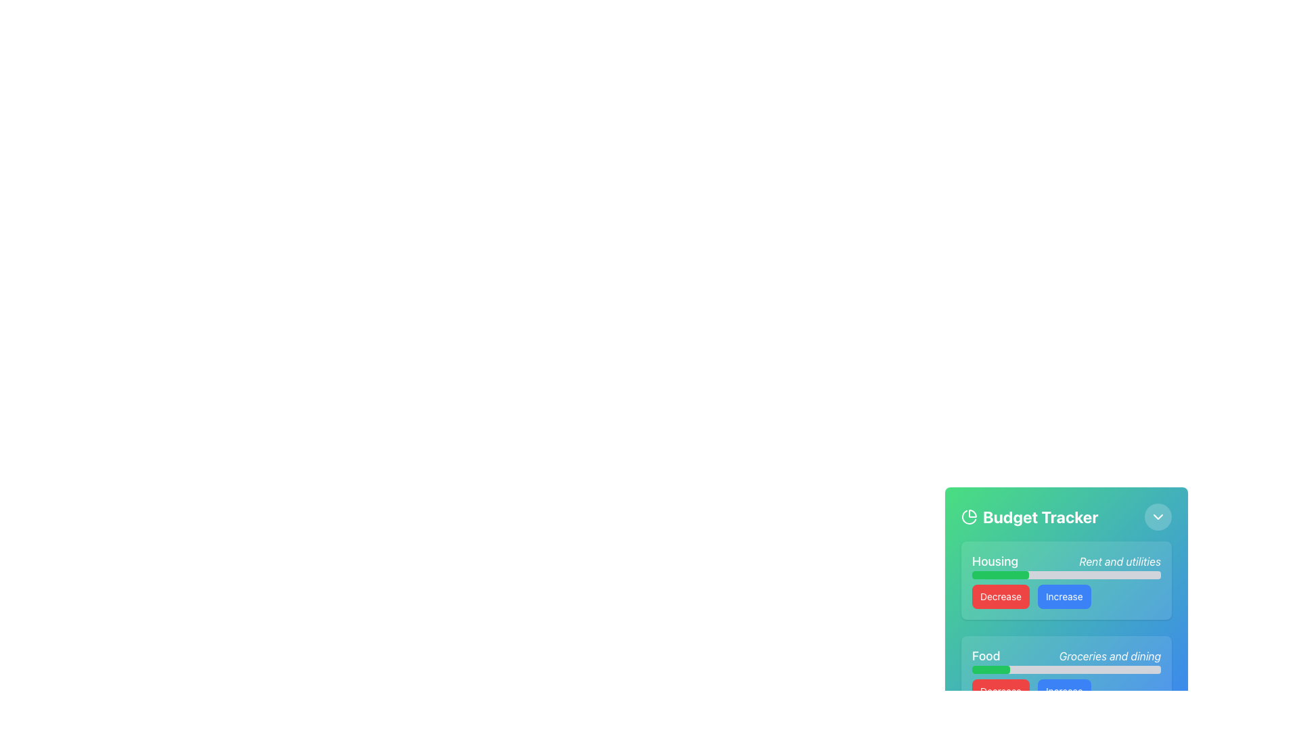  What do you see at coordinates (1029, 516) in the screenshot?
I see `the 'Budget Tracker' text label which is in bold, large font and aligned within the green-to-blue gradient header, next to a pie-chart icon` at bounding box center [1029, 516].